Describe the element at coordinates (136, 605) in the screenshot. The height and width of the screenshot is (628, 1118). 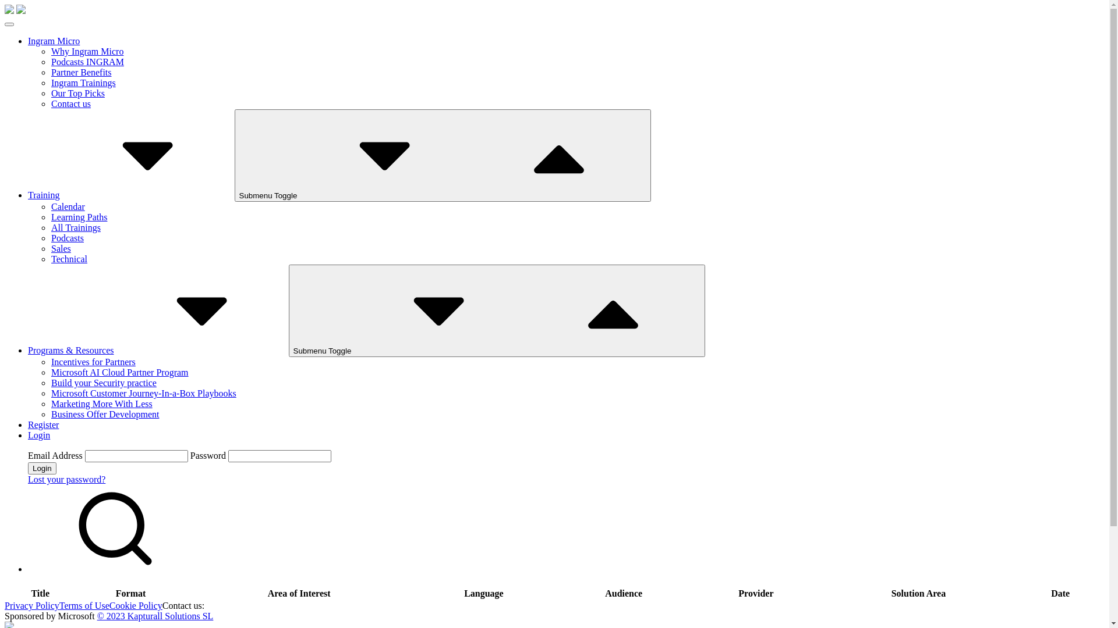
I see `'Cookie Policy'` at that location.